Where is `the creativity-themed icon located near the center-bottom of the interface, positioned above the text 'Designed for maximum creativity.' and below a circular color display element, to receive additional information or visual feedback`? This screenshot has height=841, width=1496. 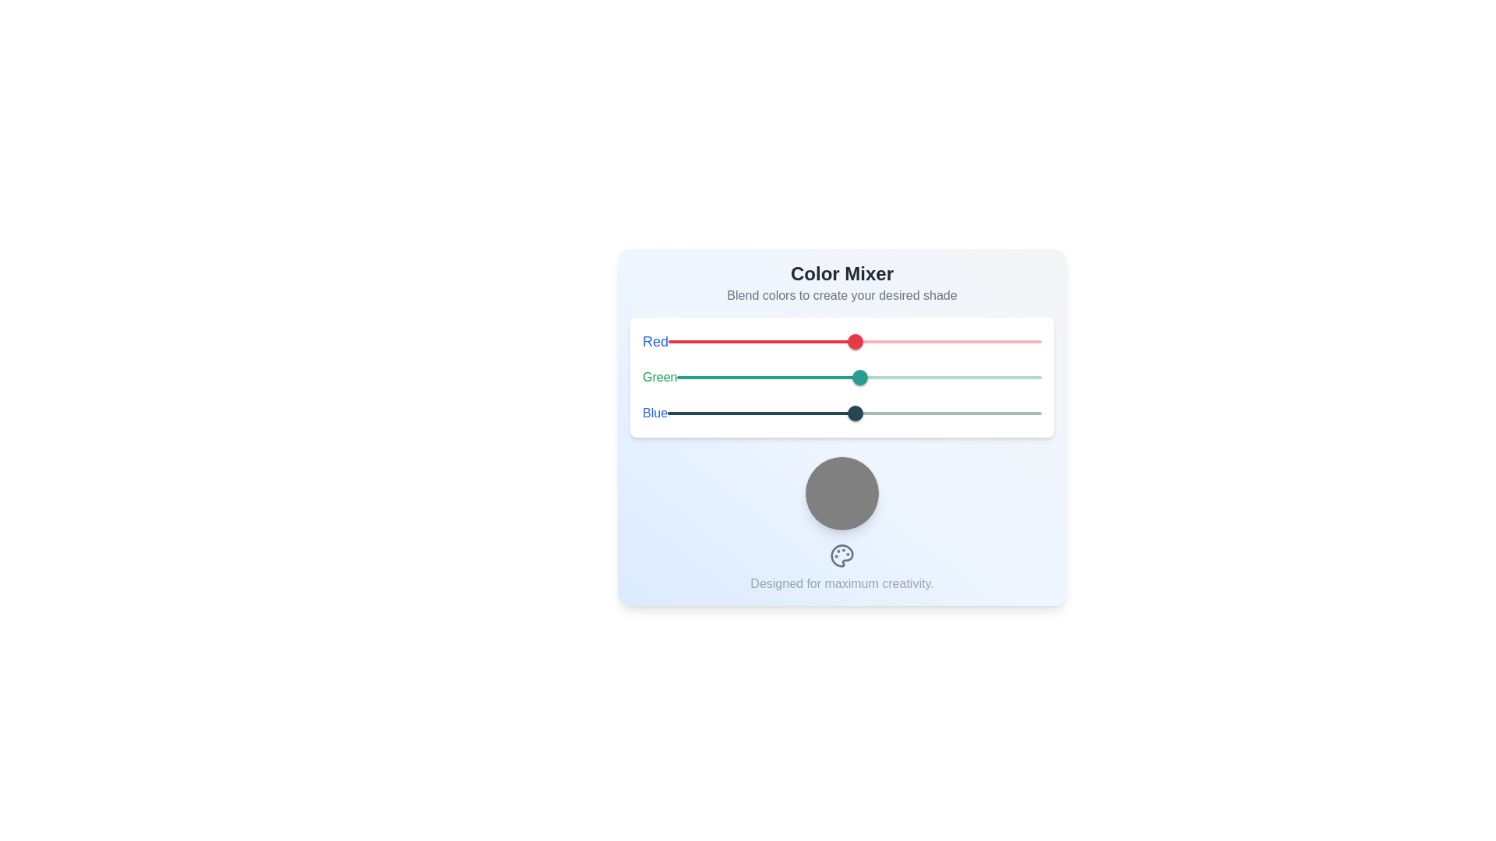 the creativity-themed icon located near the center-bottom of the interface, positioned above the text 'Designed for maximum creativity.' and below a circular color display element, to receive additional information or visual feedback is located at coordinates (841, 554).